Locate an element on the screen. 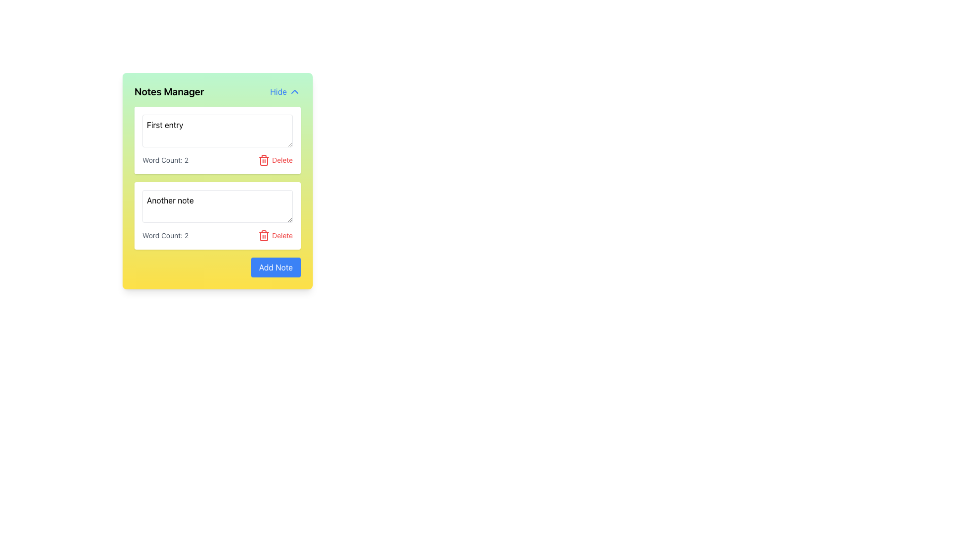 This screenshot has width=953, height=536. the 'Delete' text label, which is red-colored and located in the lower section of the component containing the second note, adjacent to a red trash icon is located at coordinates (282, 235).